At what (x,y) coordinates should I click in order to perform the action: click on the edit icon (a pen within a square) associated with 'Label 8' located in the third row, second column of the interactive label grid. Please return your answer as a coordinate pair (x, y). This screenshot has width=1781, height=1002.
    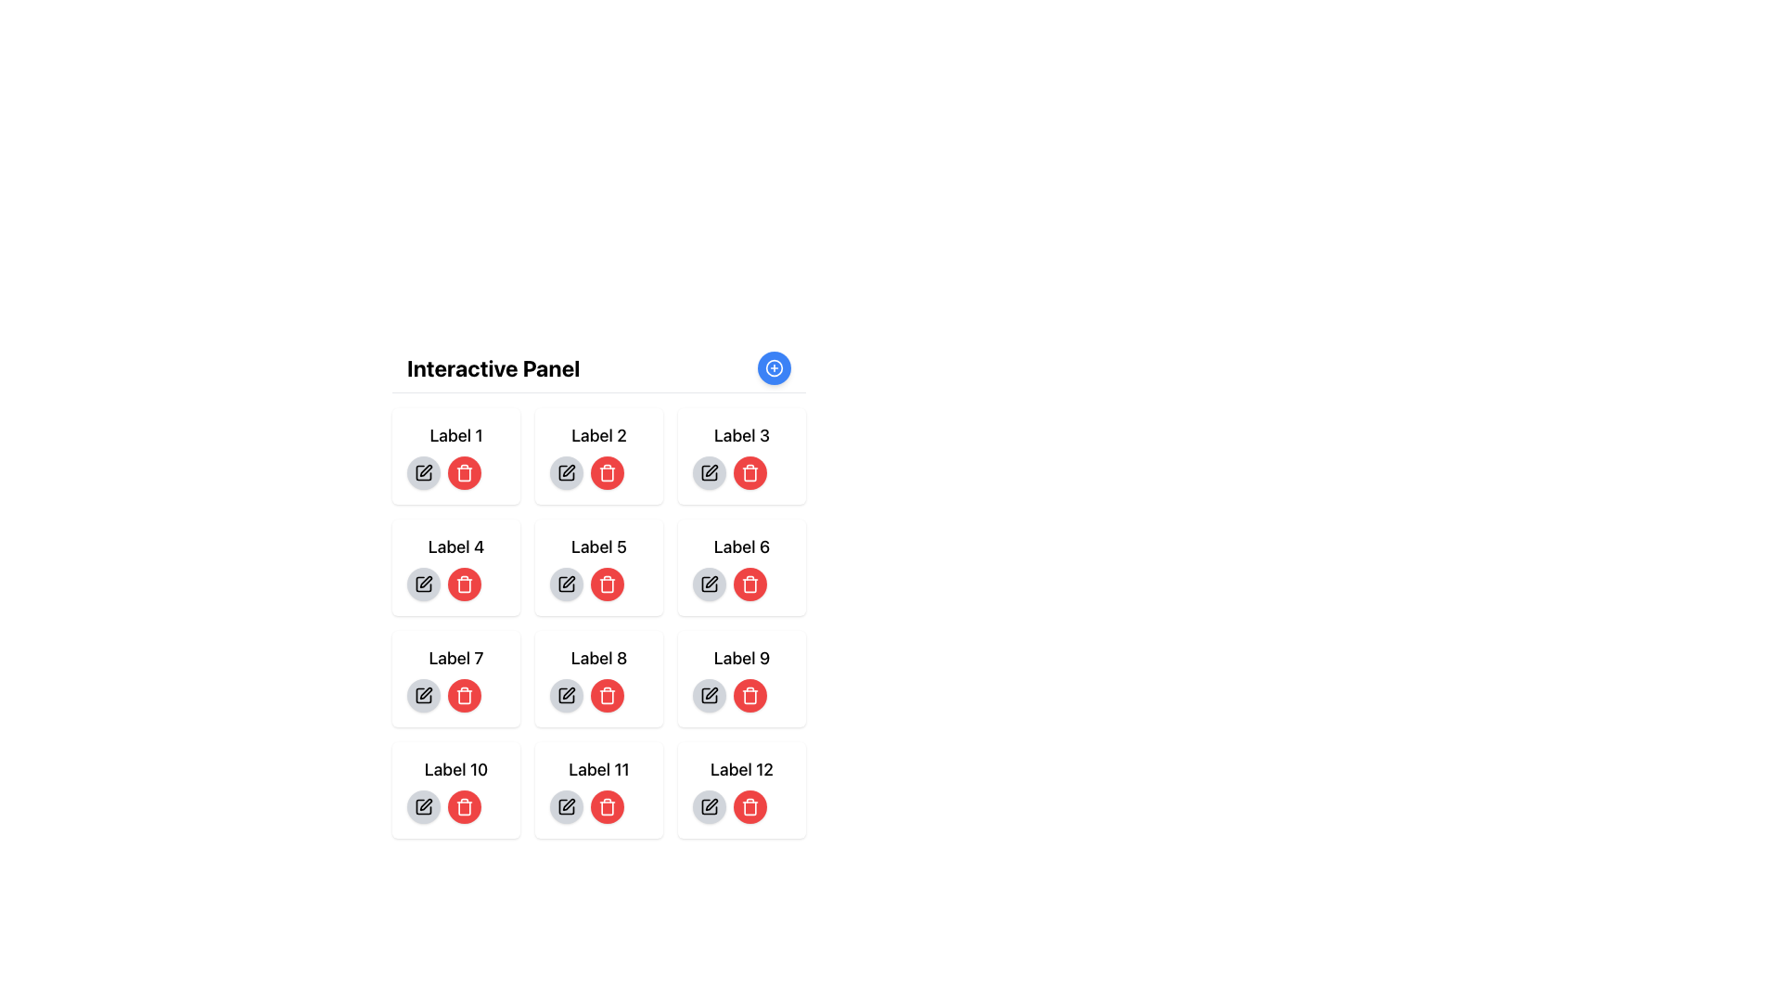
    Looking at the image, I should click on (565, 695).